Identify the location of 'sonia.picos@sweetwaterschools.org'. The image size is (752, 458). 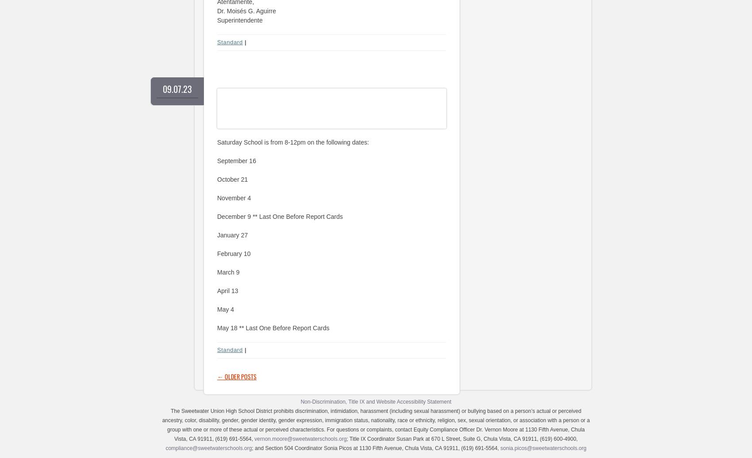
(543, 448).